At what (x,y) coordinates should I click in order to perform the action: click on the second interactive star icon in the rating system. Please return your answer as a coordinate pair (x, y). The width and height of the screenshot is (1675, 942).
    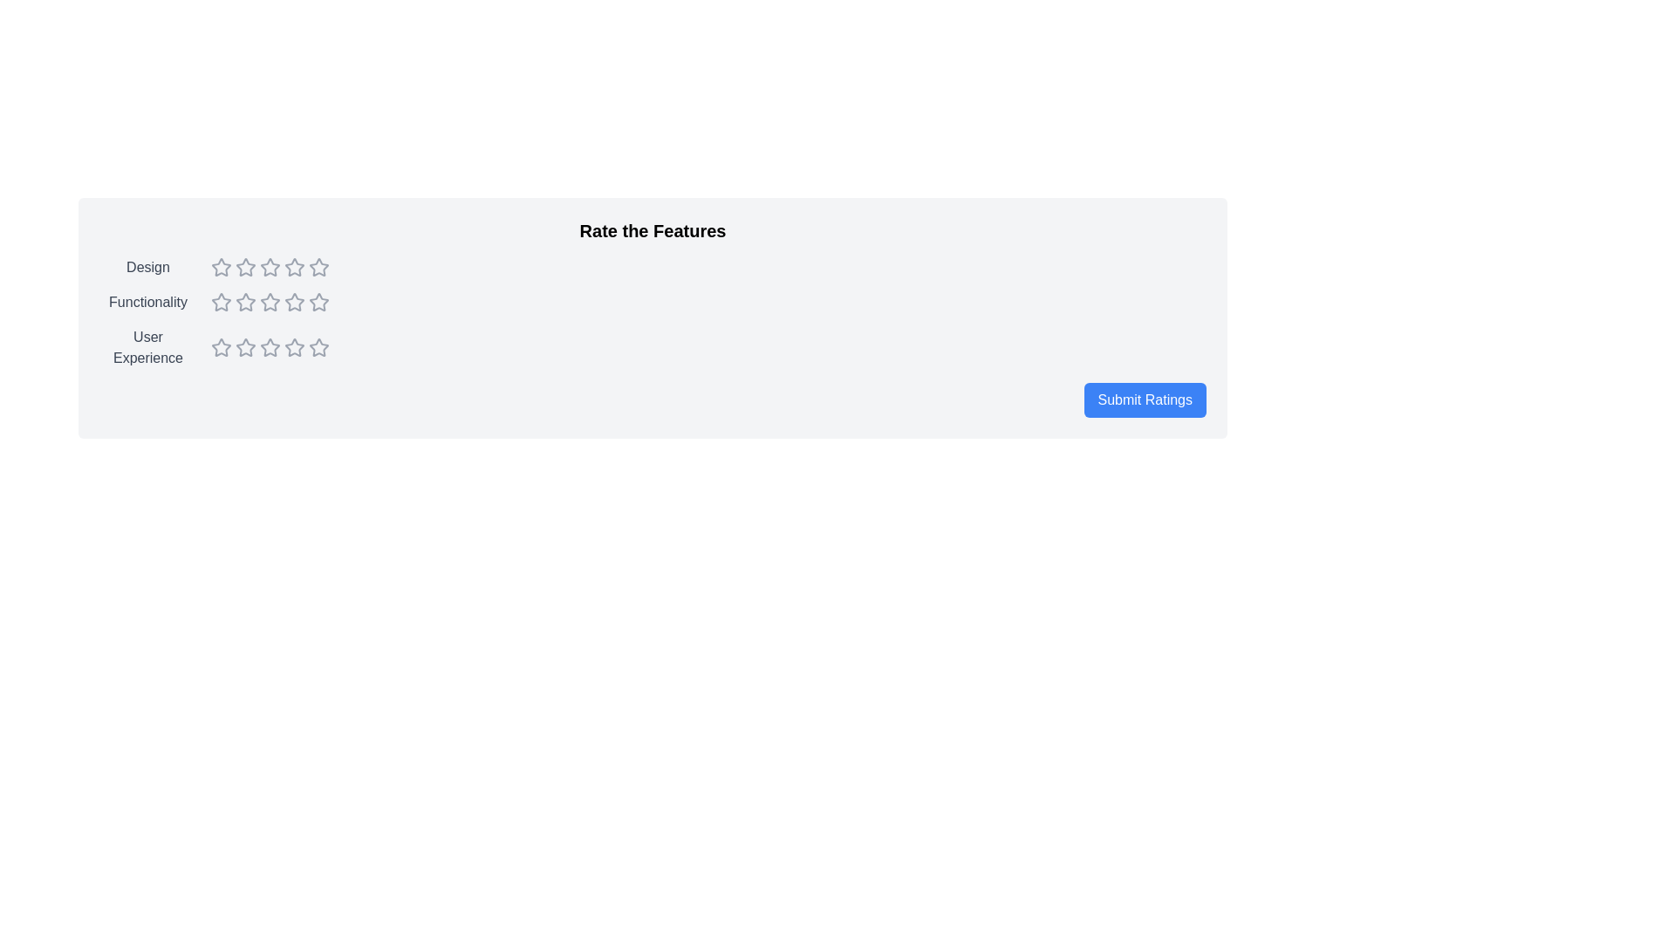
    Looking at the image, I should click on (245, 267).